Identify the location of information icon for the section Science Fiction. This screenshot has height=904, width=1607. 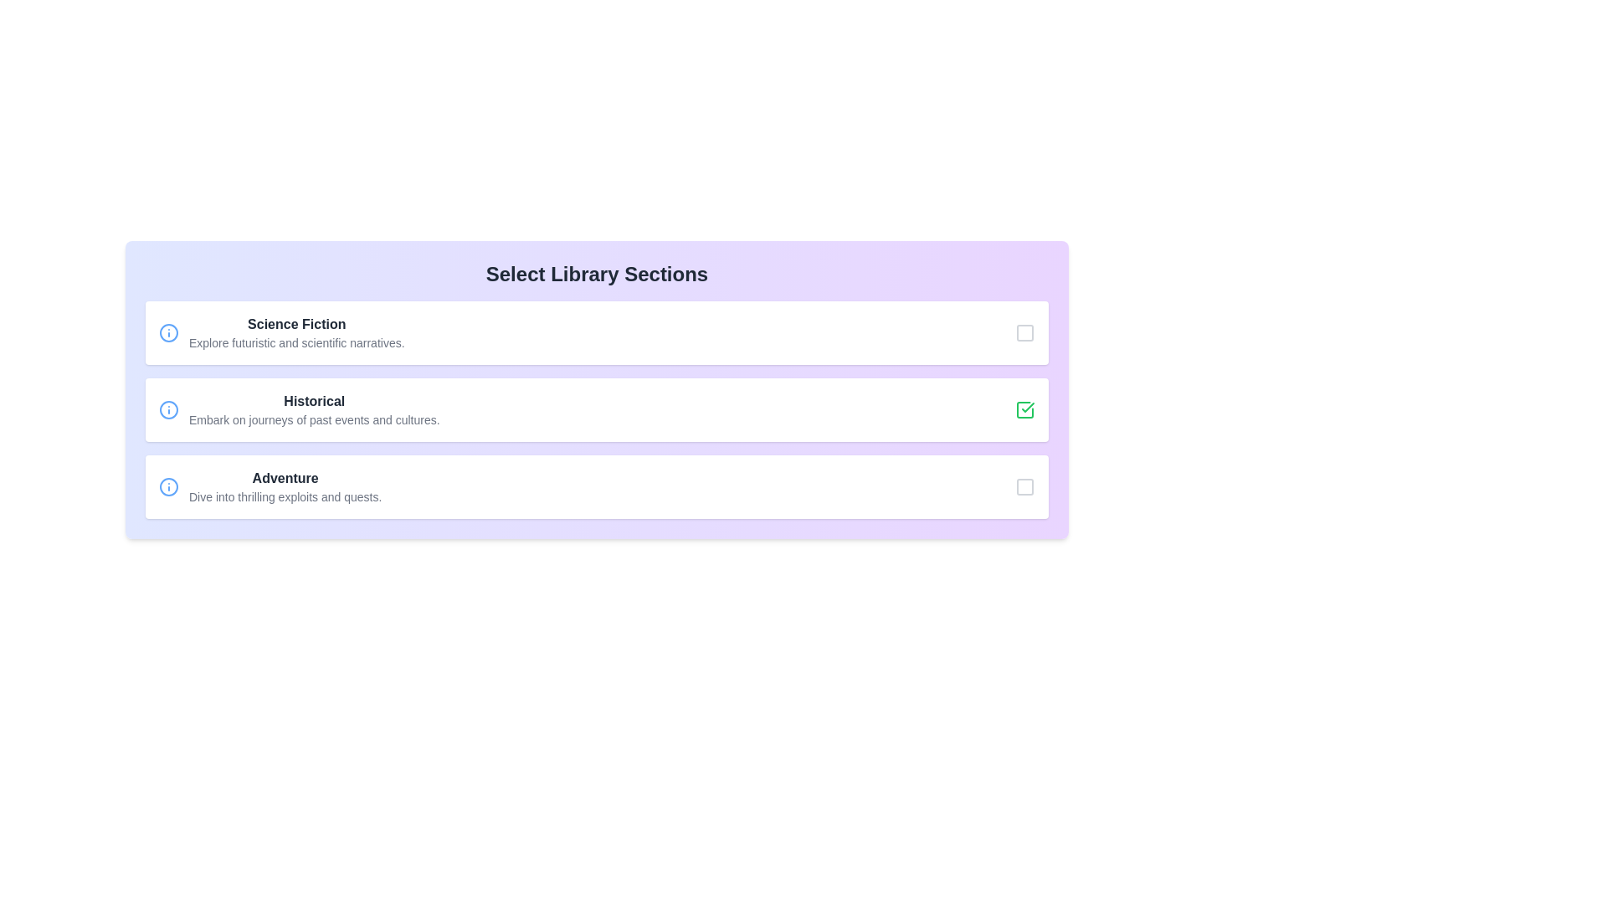
(168, 332).